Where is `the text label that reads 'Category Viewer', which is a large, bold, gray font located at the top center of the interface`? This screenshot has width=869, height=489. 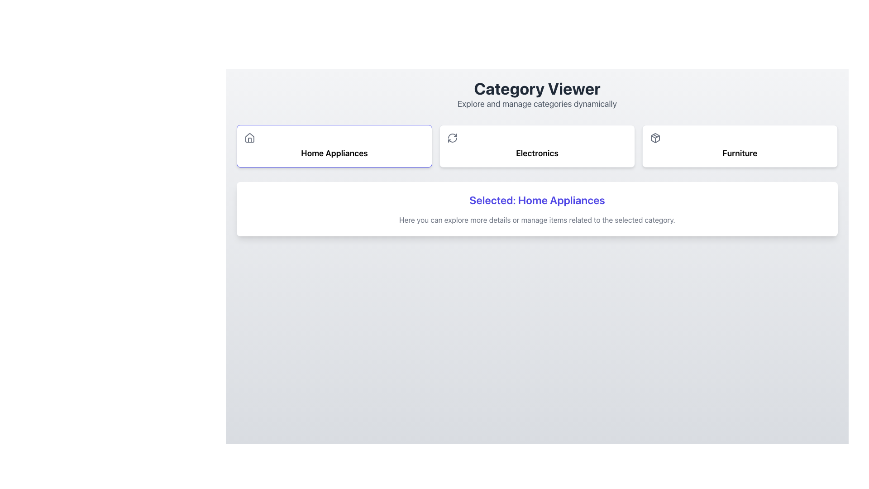
the text label that reads 'Category Viewer', which is a large, bold, gray font located at the top center of the interface is located at coordinates (537, 89).